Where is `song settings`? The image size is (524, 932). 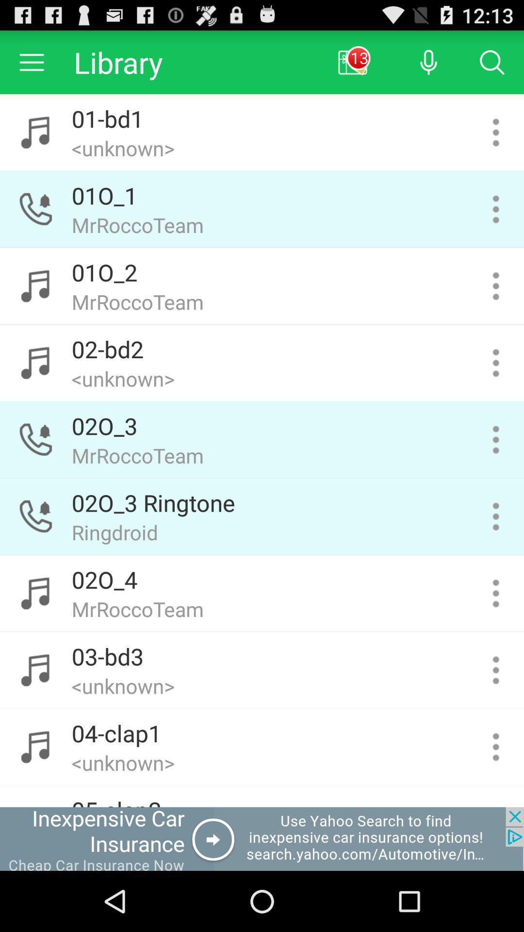 song settings is located at coordinates (496, 669).